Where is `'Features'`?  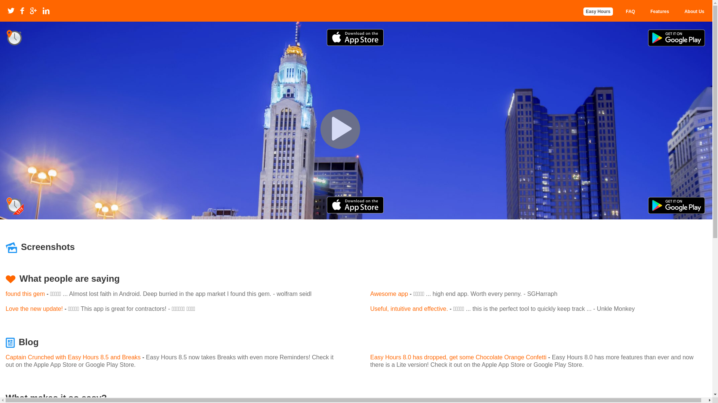 'Features' is located at coordinates (659, 11).